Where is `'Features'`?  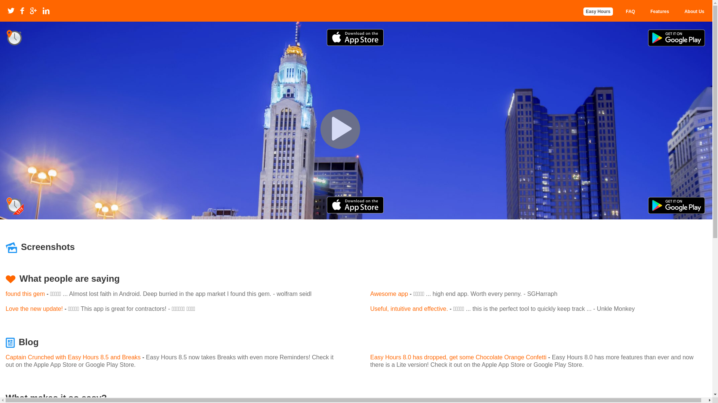 'Features' is located at coordinates (659, 11).